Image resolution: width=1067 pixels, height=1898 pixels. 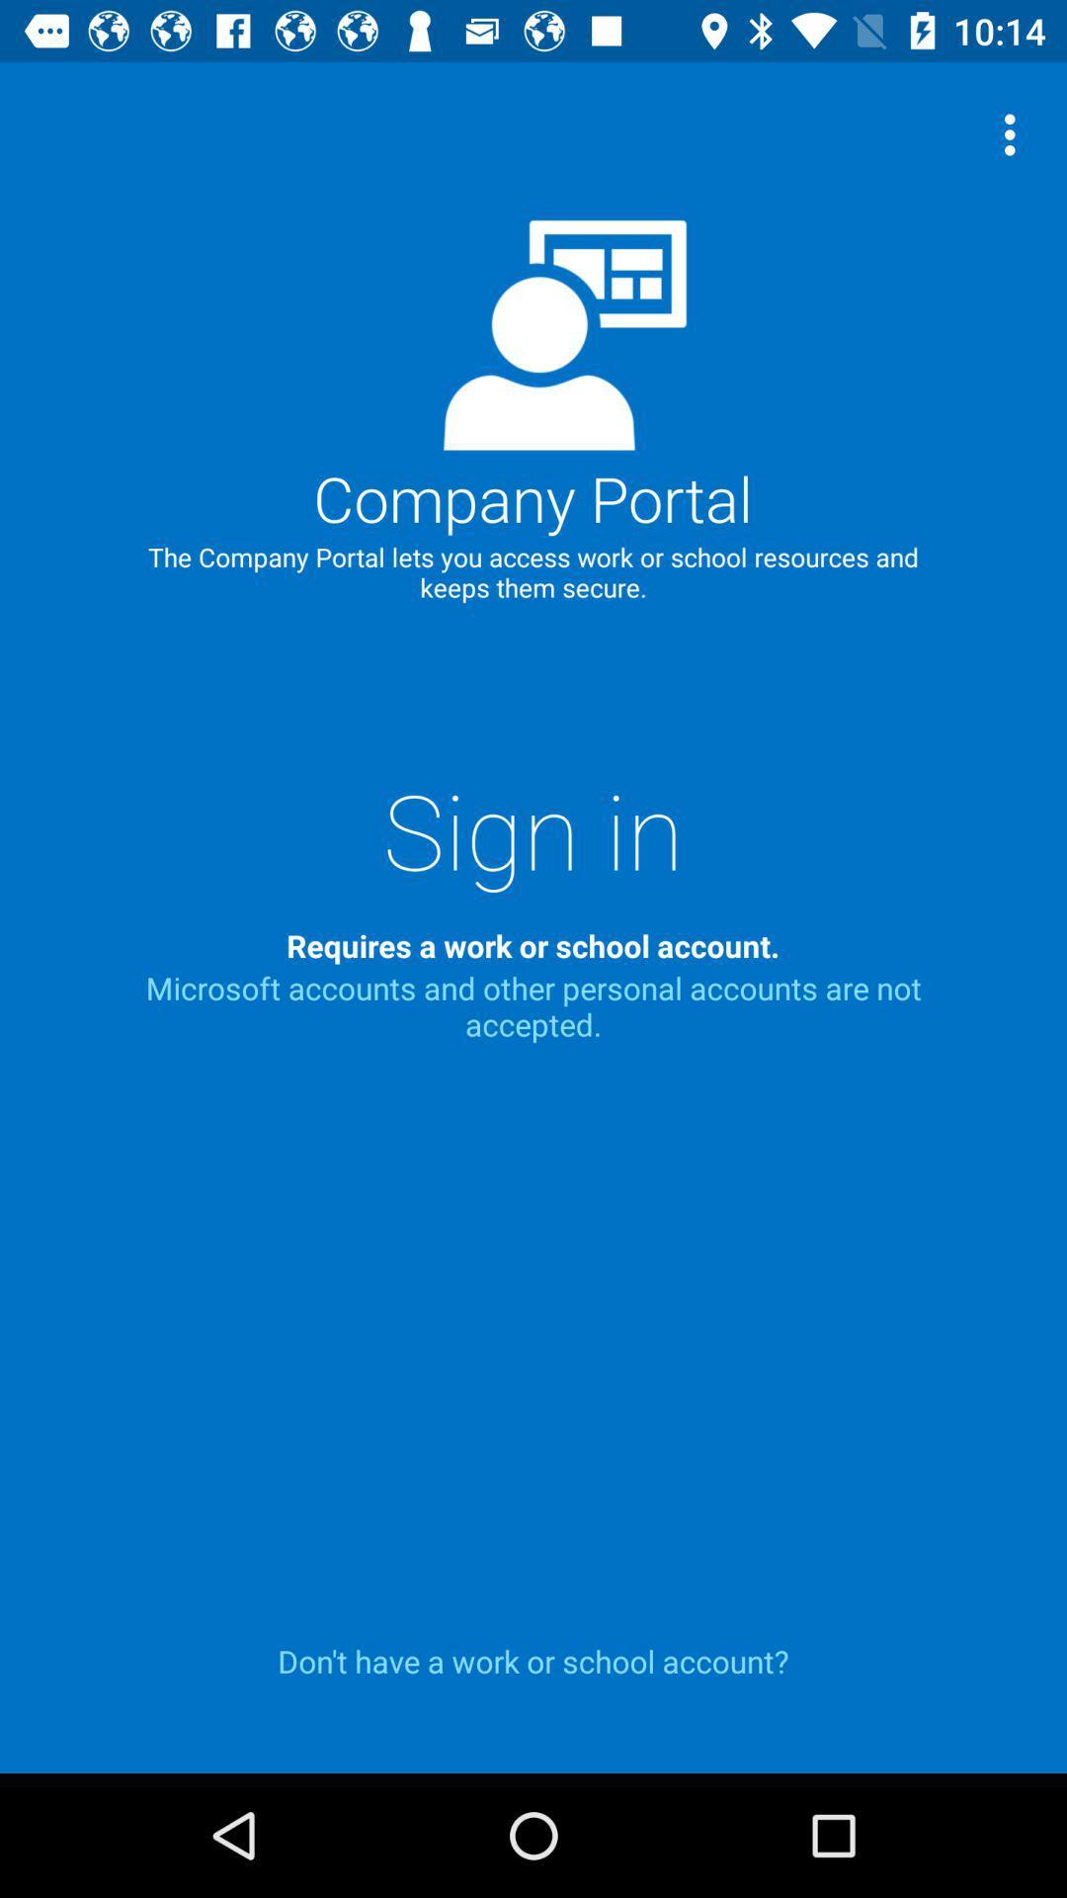 What do you see at coordinates (1015, 133) in the screenshot?
I see `item at the top right corner` at bounding box center [1015, 133].